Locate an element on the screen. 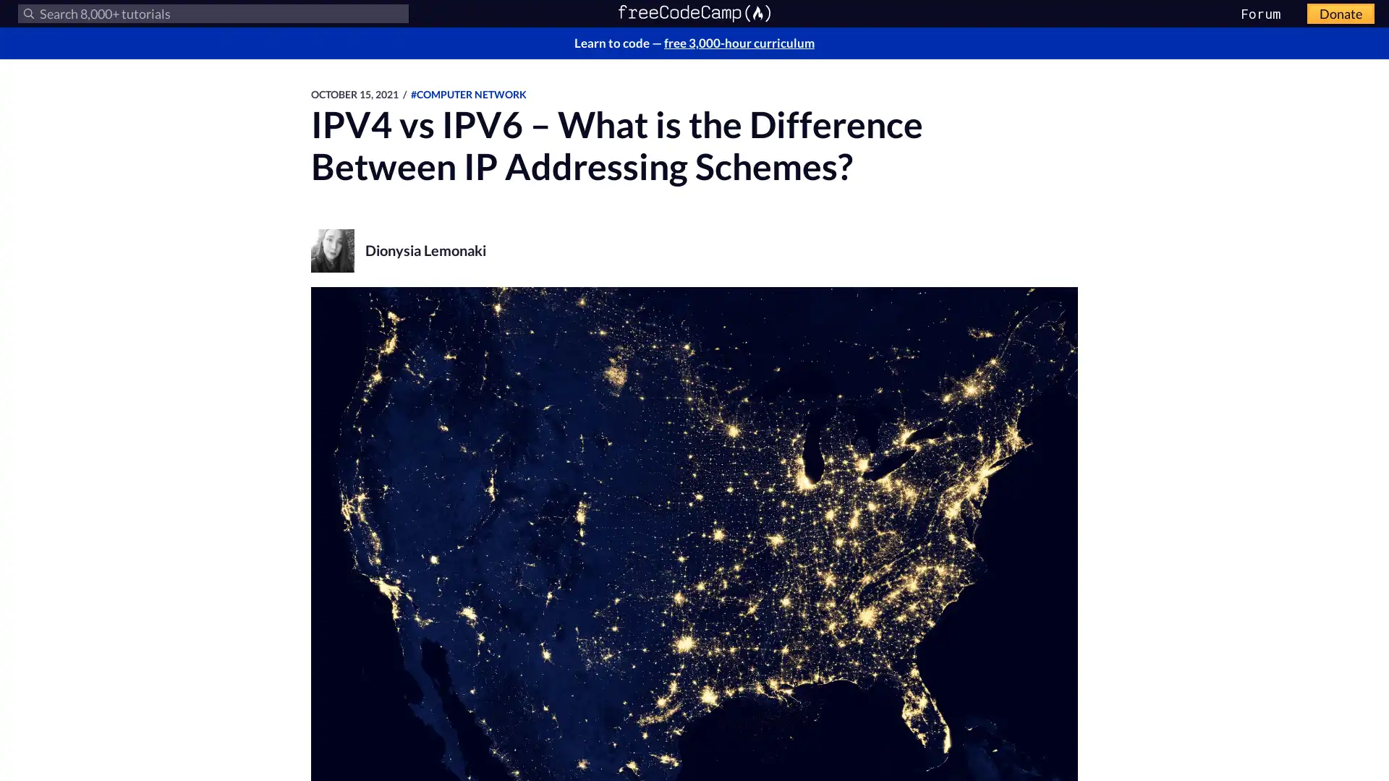 The height and width of the screenshot is (781, 1389). Submit your search query is located at coordinates (28, 14).